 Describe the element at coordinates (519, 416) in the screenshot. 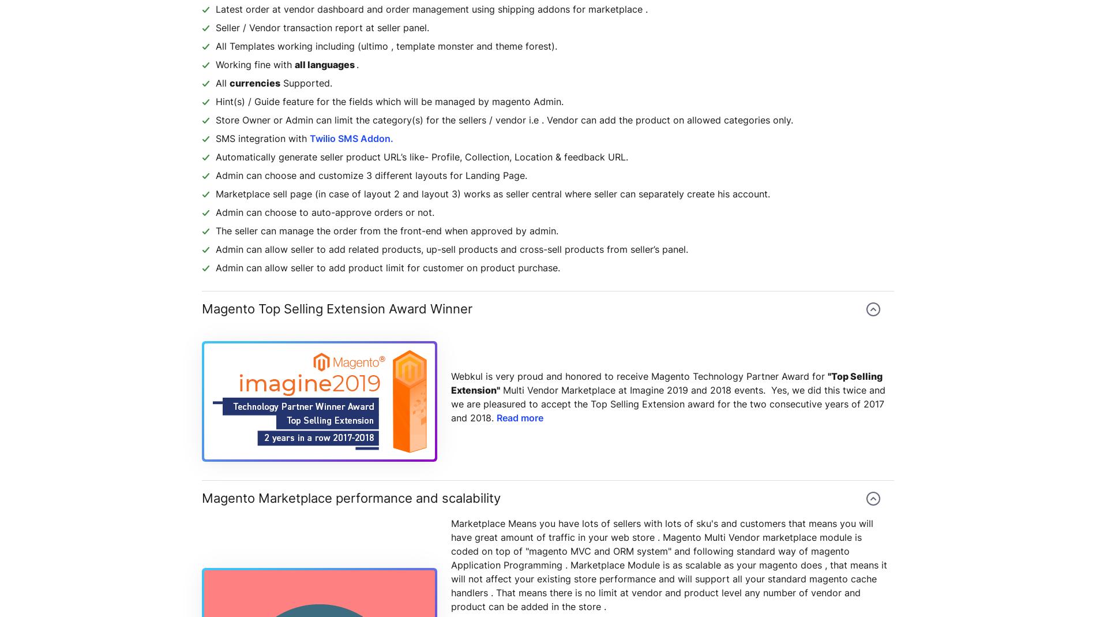

I see `'Read more'` at that location.